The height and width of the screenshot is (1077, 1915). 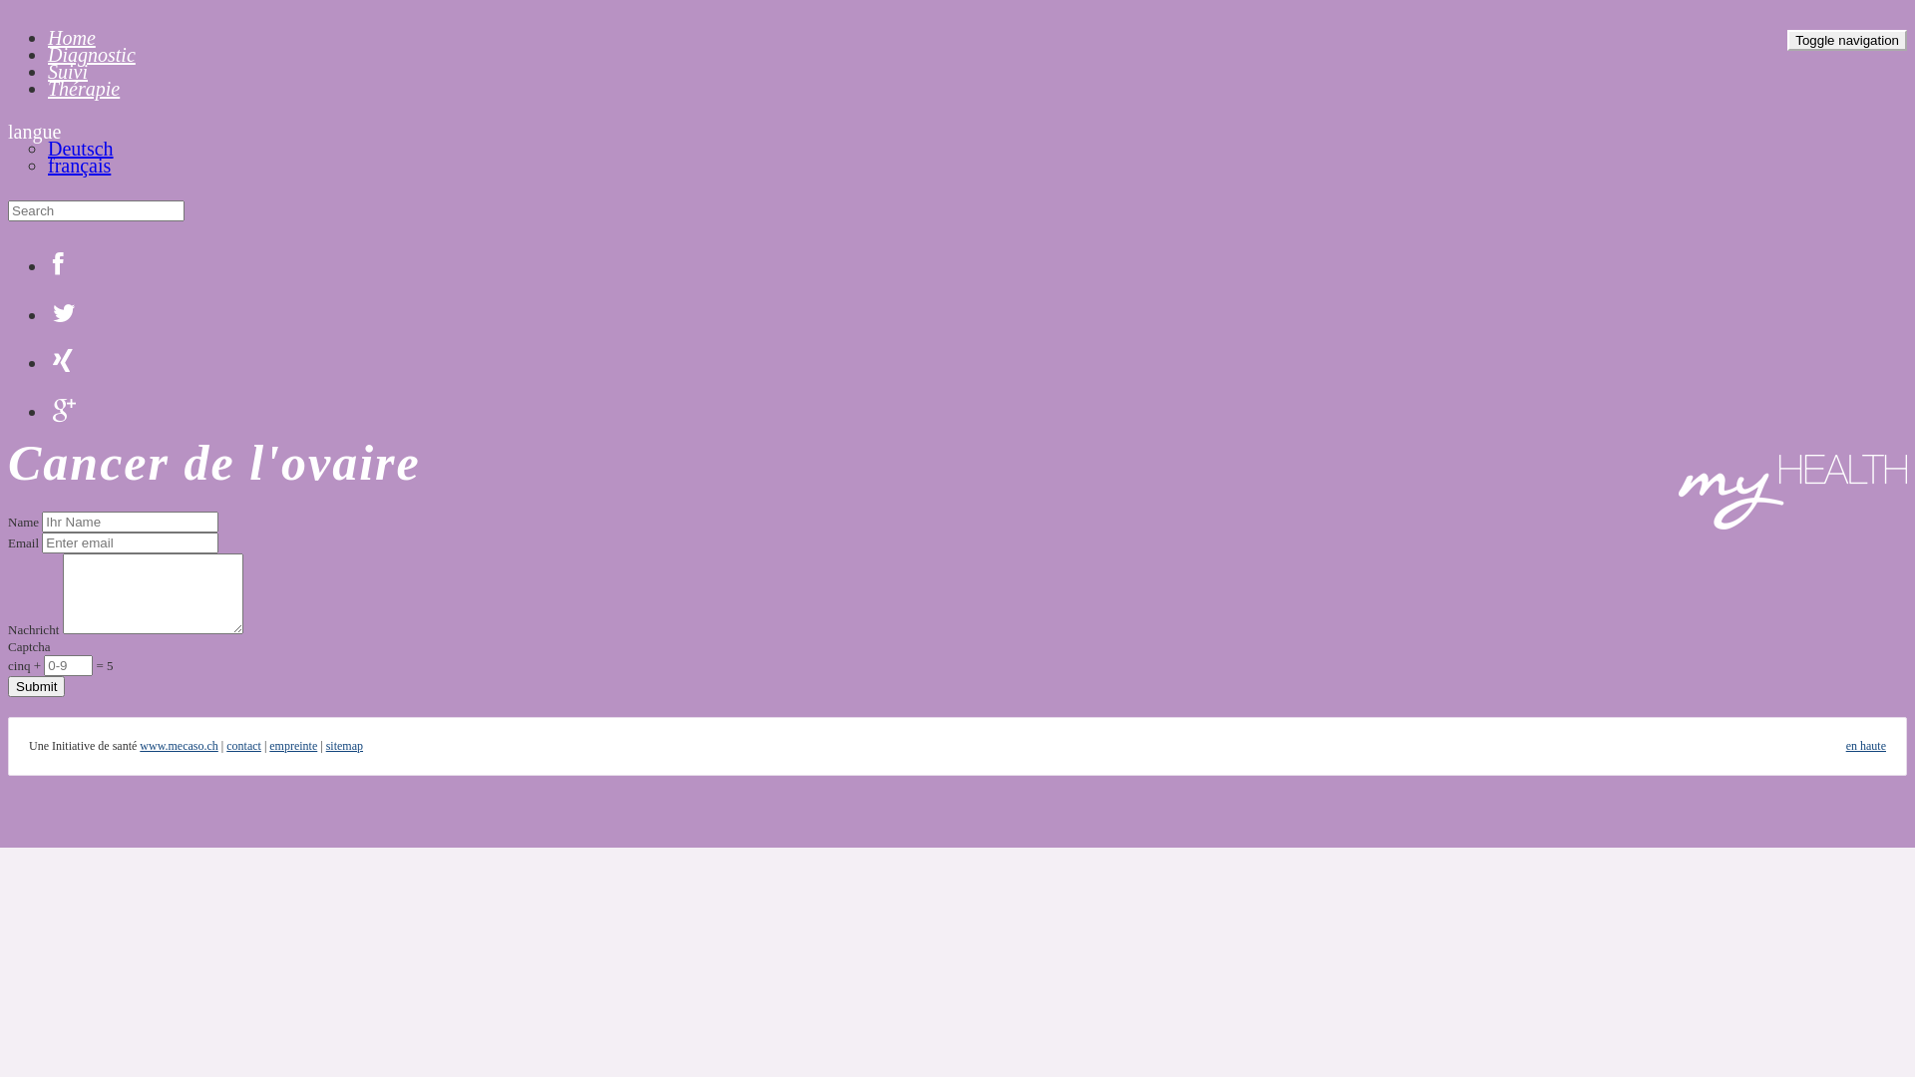 What do you see at coordinates (80, 148) in the screenshot?
I see `'Deutsch'` at bounding box center [80, 148].